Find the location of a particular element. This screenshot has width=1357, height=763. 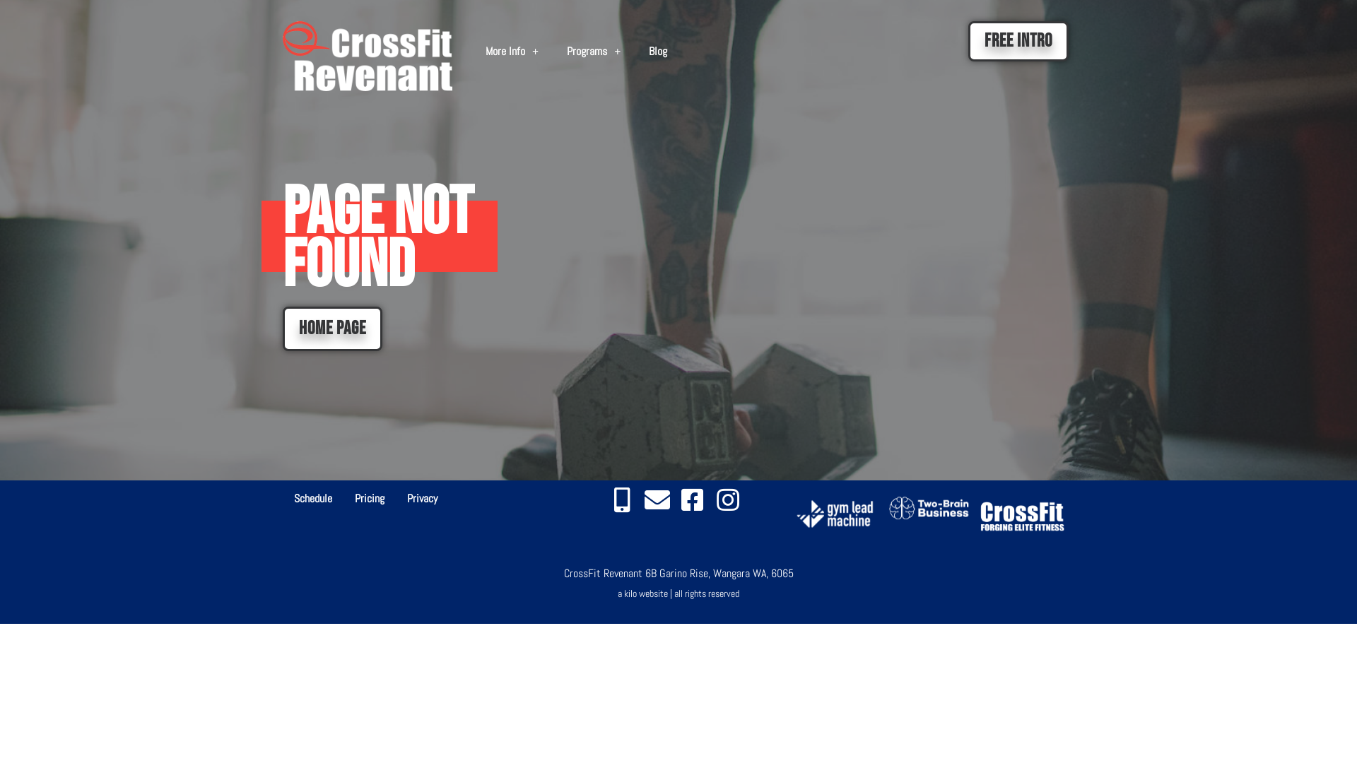

'Schedule' is located at coordinates (312, 497).